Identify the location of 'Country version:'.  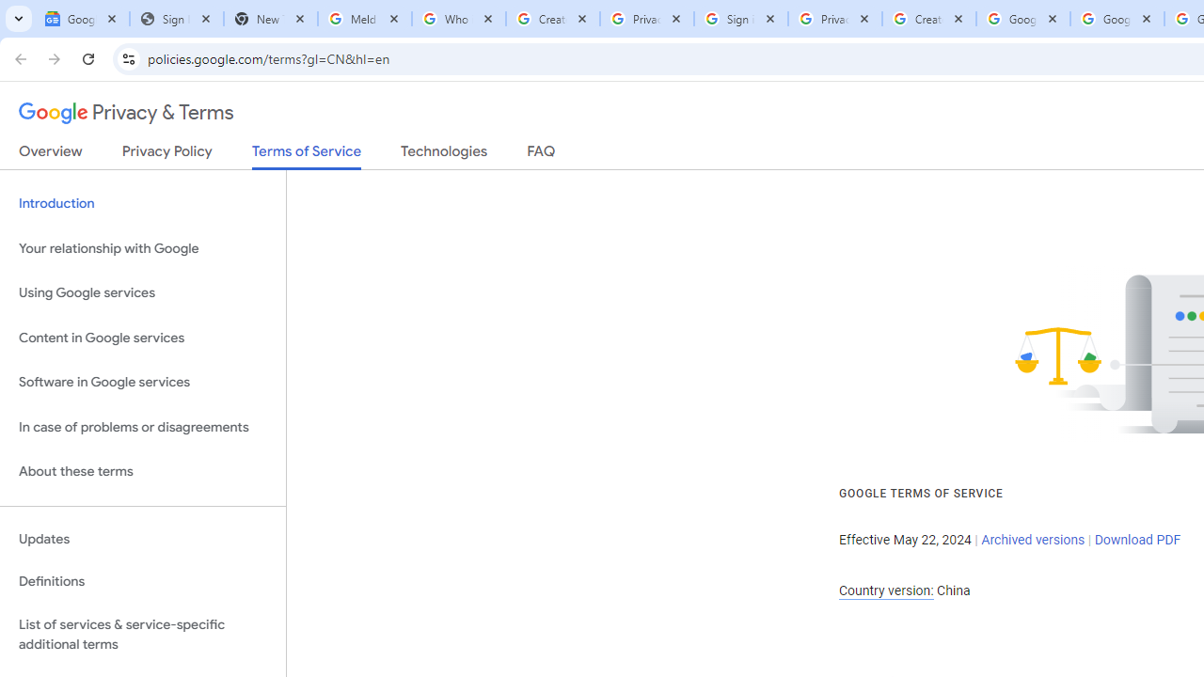
(885, 590).